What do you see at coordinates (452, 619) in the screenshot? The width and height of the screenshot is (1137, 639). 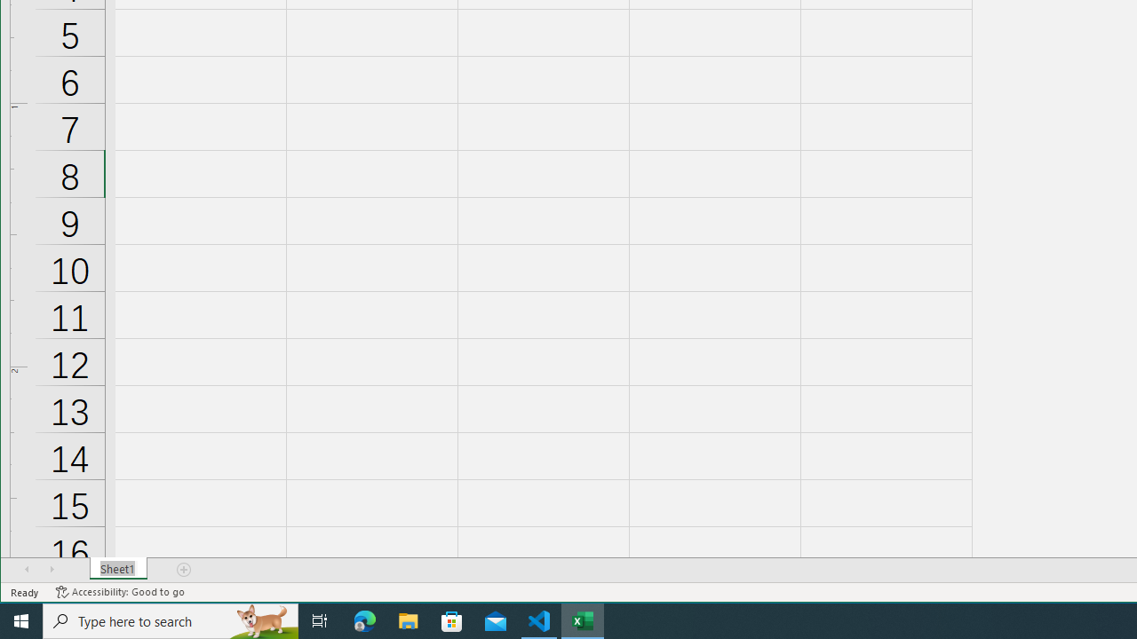 I see `'Microsoft Store'` at bounding box center [452, 619].